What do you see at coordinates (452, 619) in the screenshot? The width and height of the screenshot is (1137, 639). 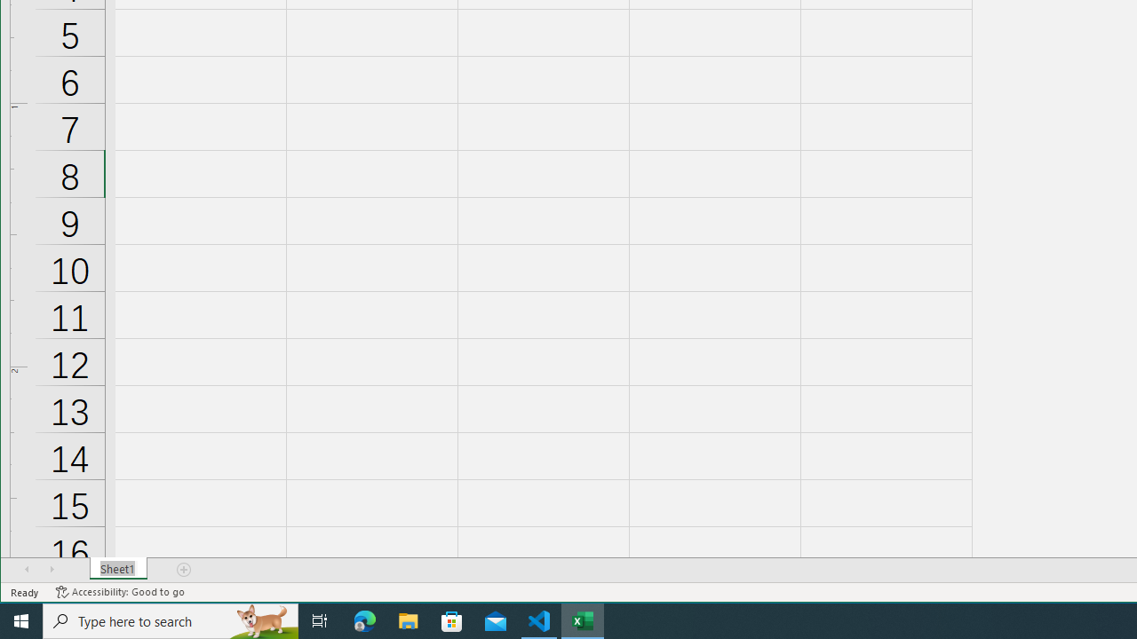 I see `'Microsoft Store'` at bounding box center [452, 619].